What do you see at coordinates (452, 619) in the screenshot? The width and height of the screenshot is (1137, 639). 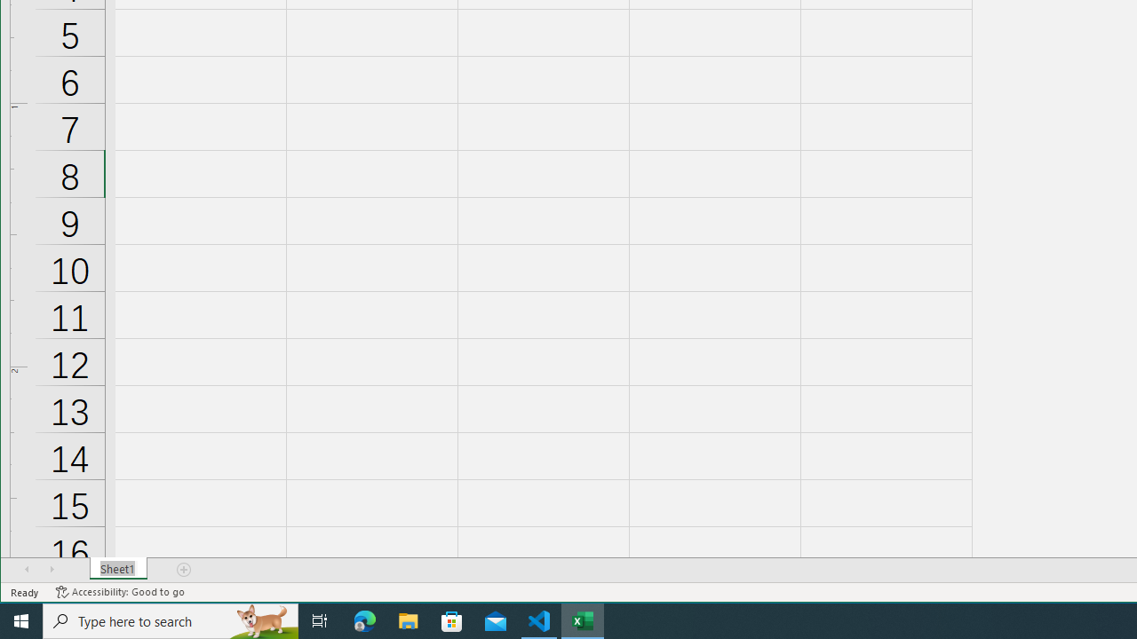 I see `'Microsoft Store'` at bounding box center [452, 619].